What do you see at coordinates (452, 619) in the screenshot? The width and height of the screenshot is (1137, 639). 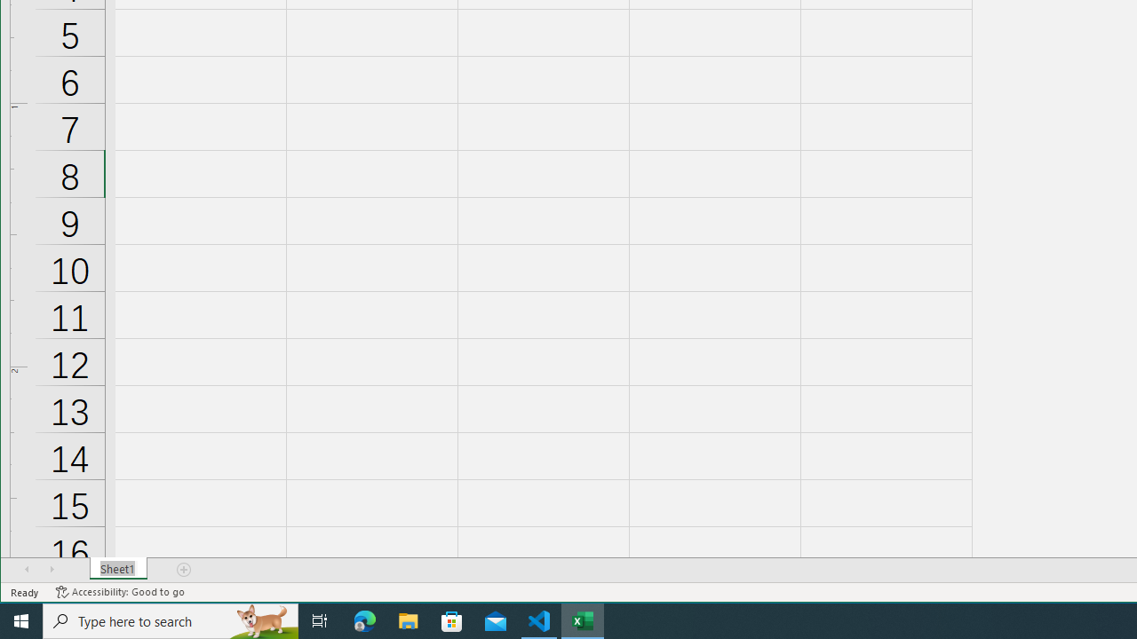 I see `'Microsoft Store'` at bounding box center [452, 619].